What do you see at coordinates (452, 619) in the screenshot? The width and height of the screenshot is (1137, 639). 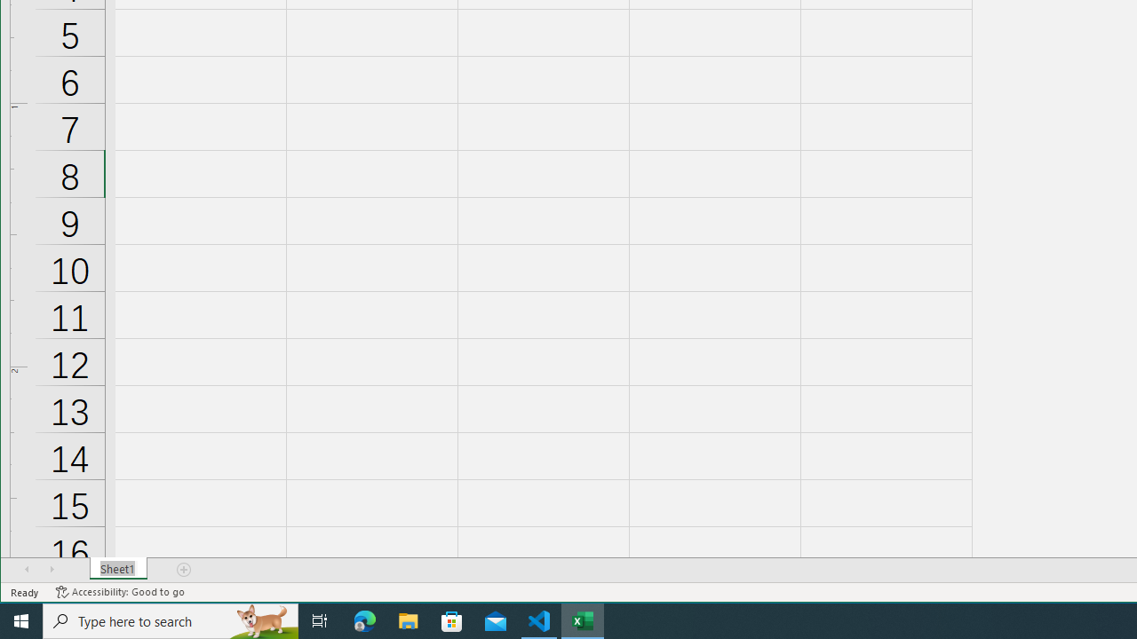 I see `'Microsoft Store'` at bounding box center [452, 619].